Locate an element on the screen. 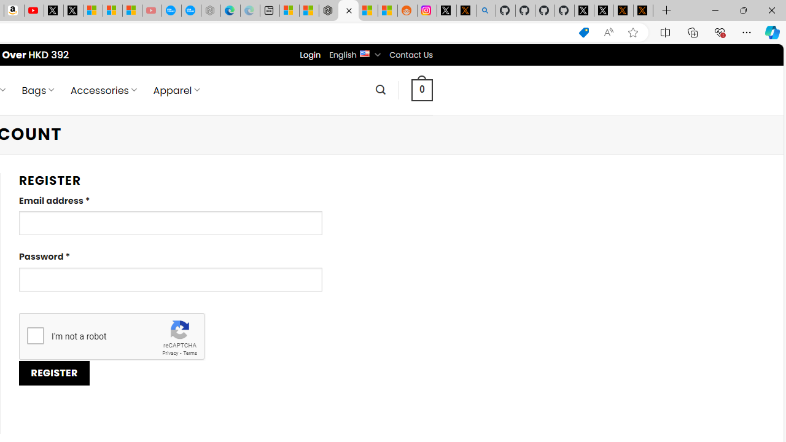 This screenshot has width=786, height=442. 'Profile / X' is located at coordinates (583, 10).